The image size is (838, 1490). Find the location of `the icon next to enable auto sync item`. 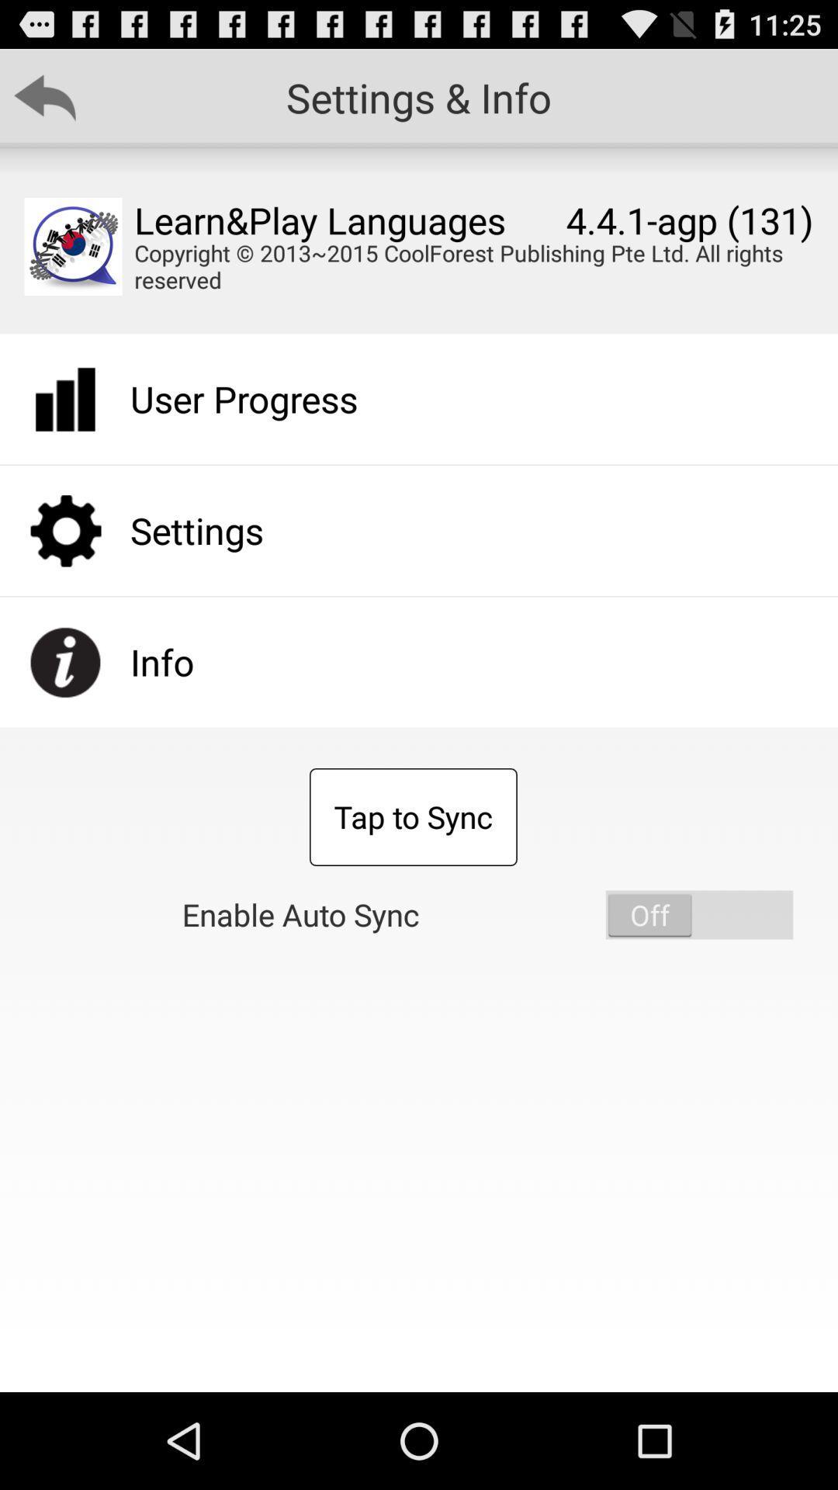

the icon next to enable auto sync item is located at coordinates (699, 915).